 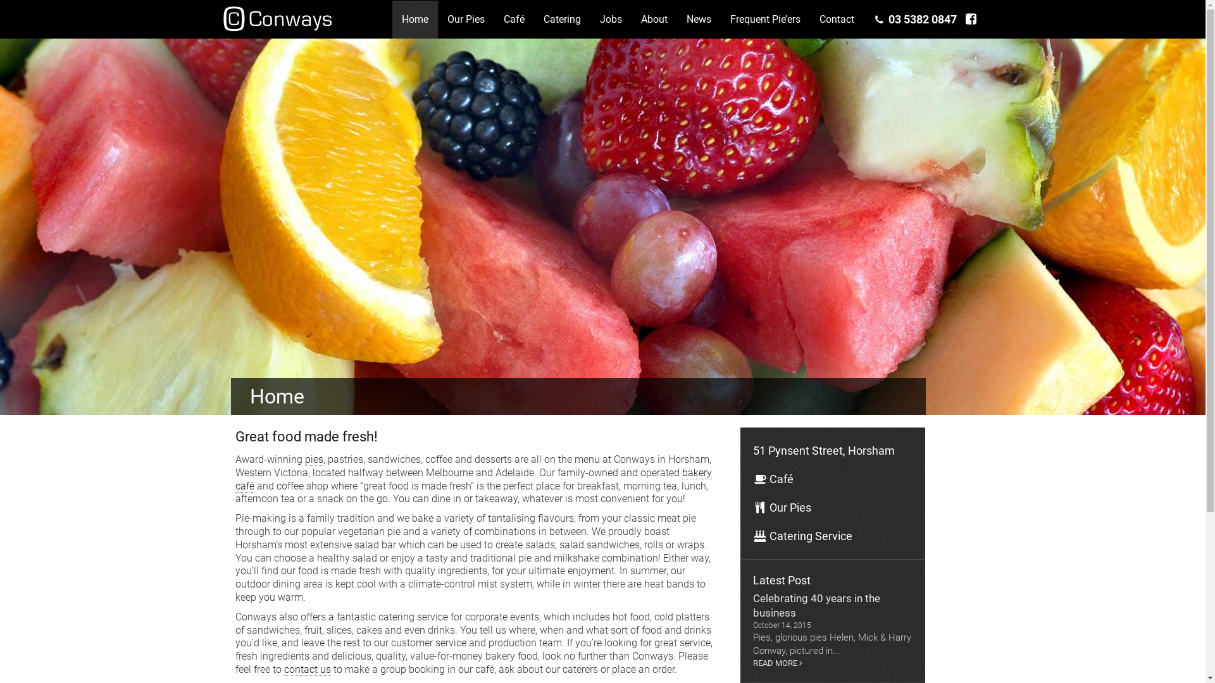 I want to click on 'Our Pies', so click(x=465, y=19).